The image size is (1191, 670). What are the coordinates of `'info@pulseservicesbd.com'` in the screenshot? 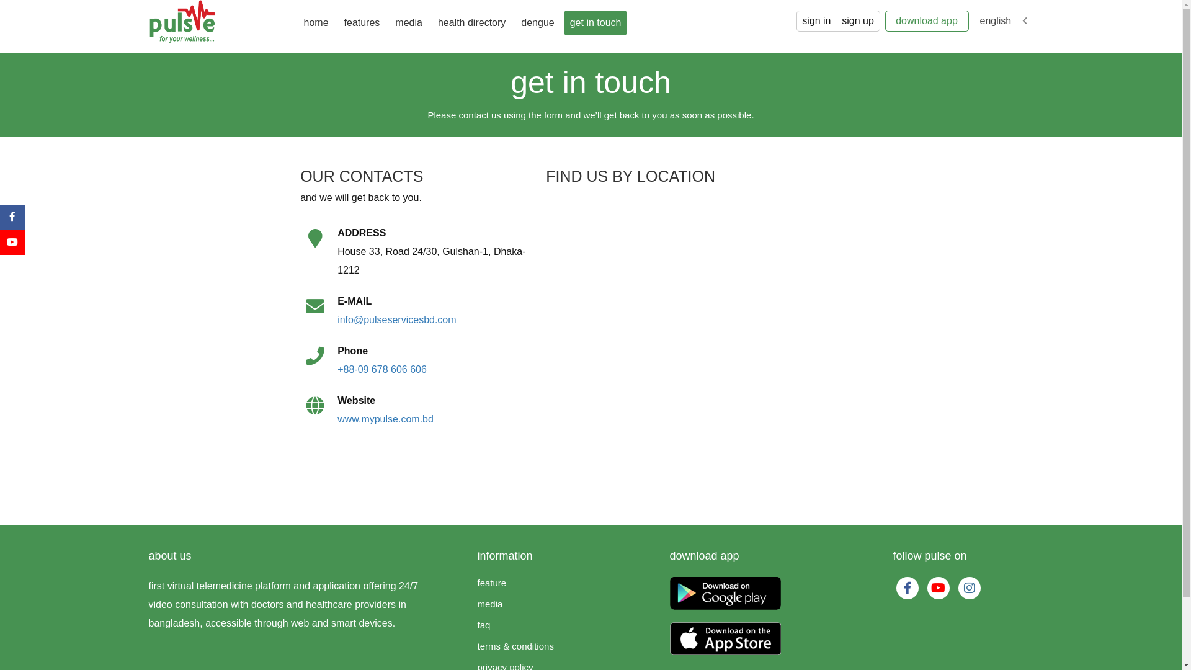 It's located at (396, 318).